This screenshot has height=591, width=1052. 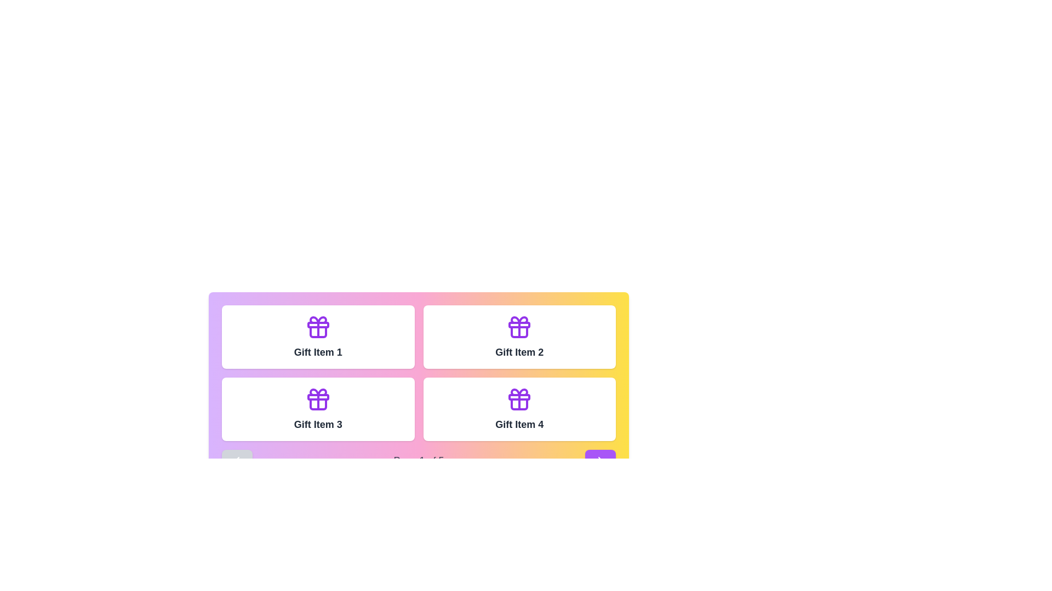 What do you see at coordinates (317, 399) in the screenshot?
I see `the purple gift box icon located above the label 'Gift Item 3' in the grid of white cards` at bounding box center [317, 399].